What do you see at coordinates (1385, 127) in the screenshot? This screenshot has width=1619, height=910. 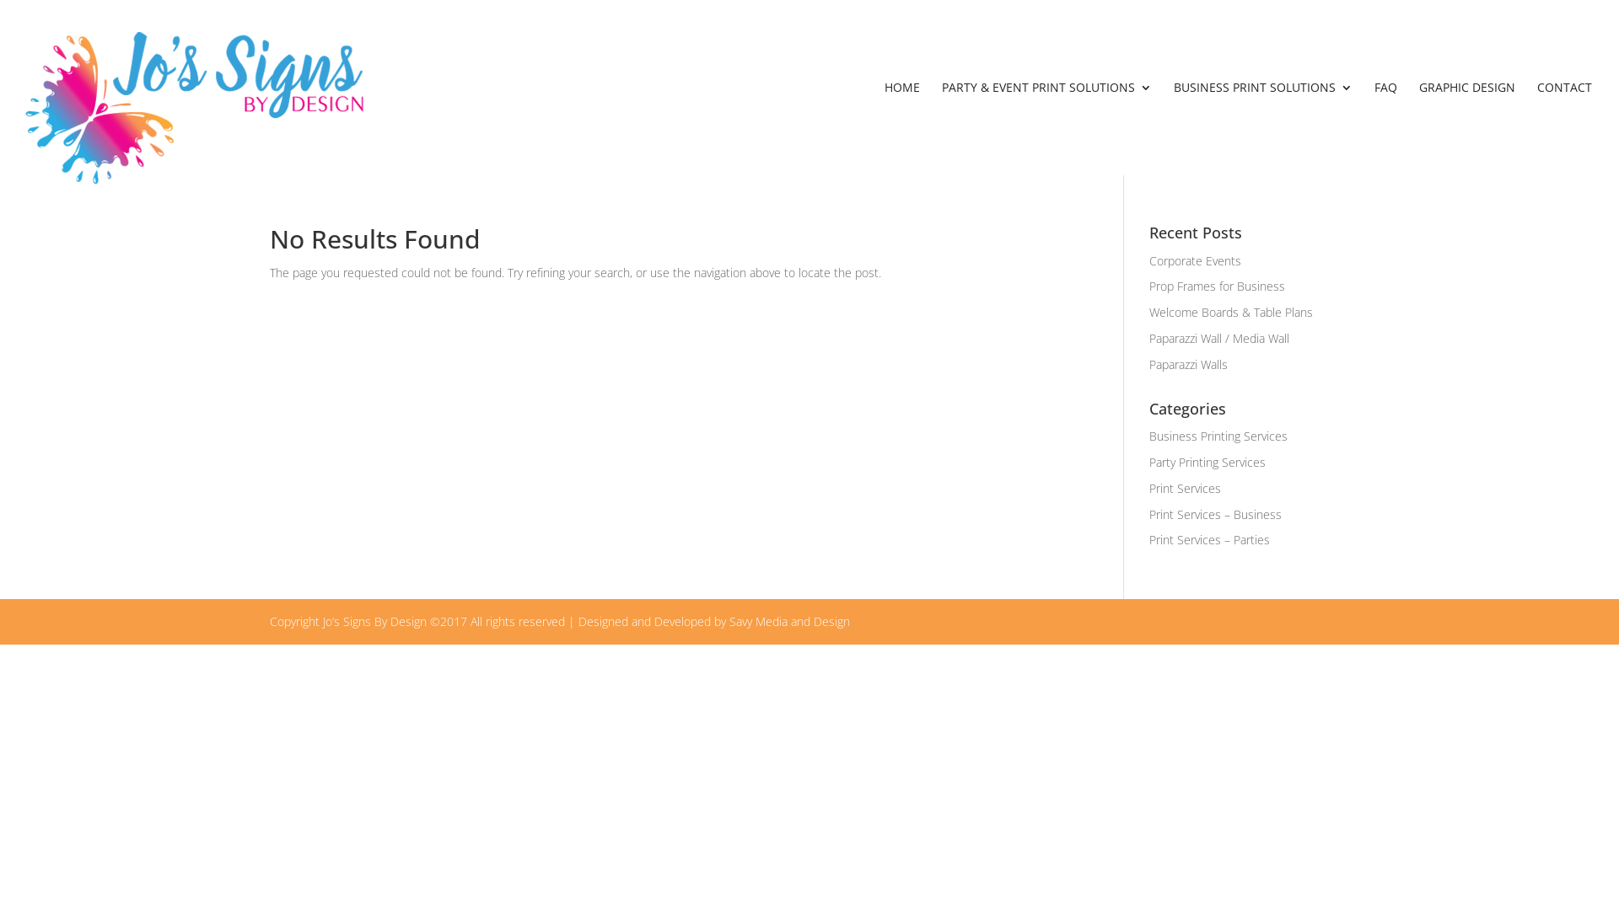 I see `'FAQ'` at bounding box center [1385, 127].